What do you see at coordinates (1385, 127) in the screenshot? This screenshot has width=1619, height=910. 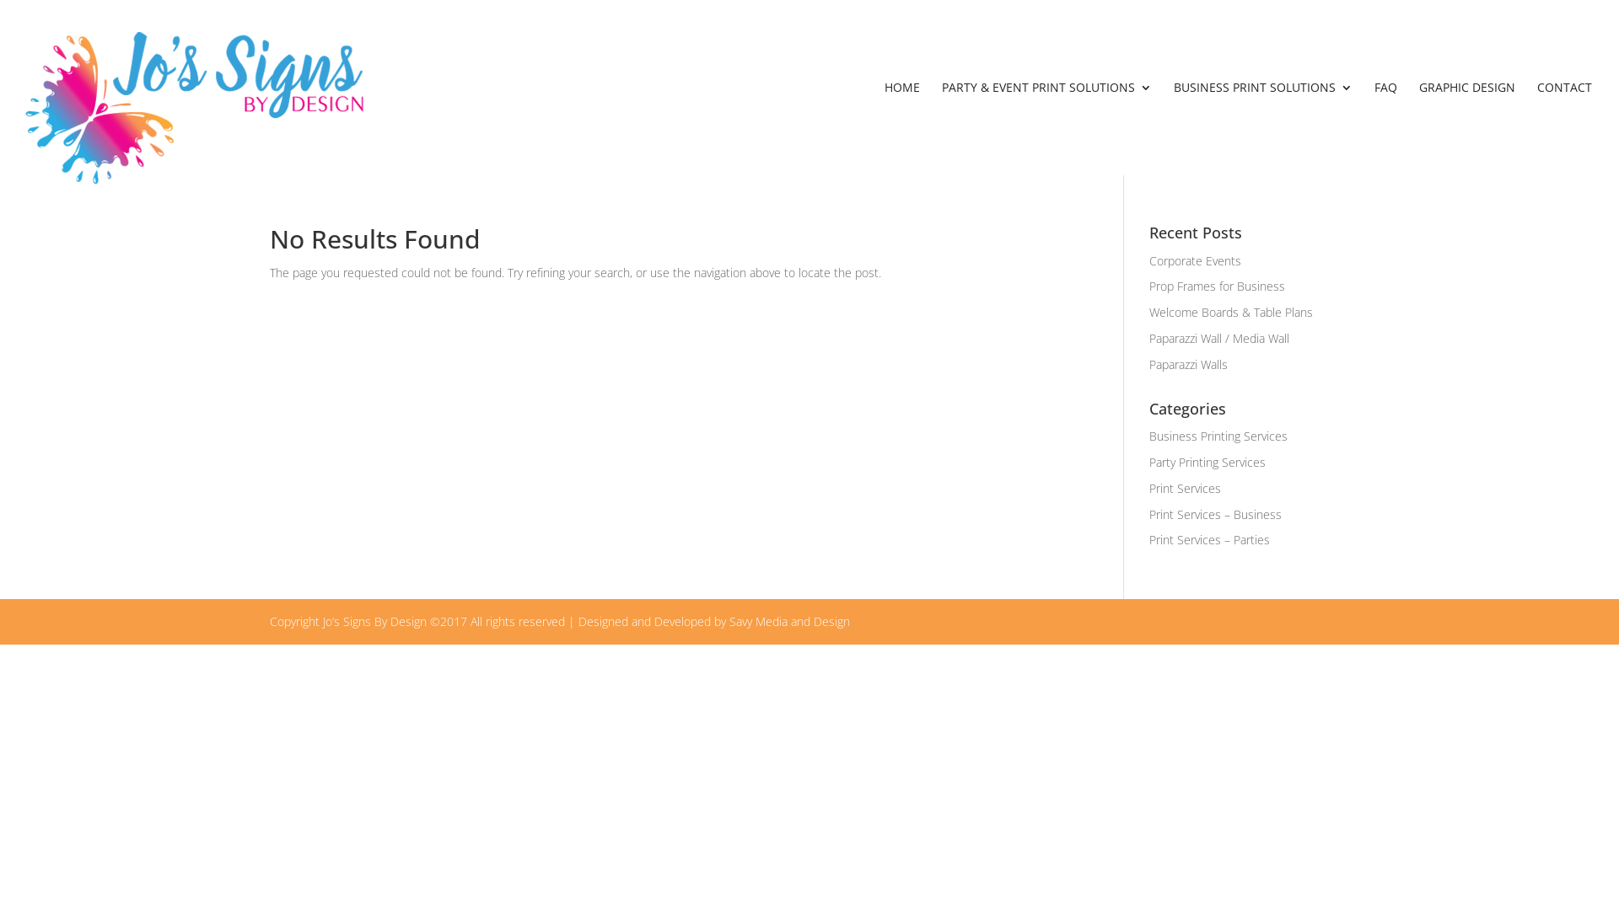 I see `'FAQ'` at bounding box center [1385, 127].